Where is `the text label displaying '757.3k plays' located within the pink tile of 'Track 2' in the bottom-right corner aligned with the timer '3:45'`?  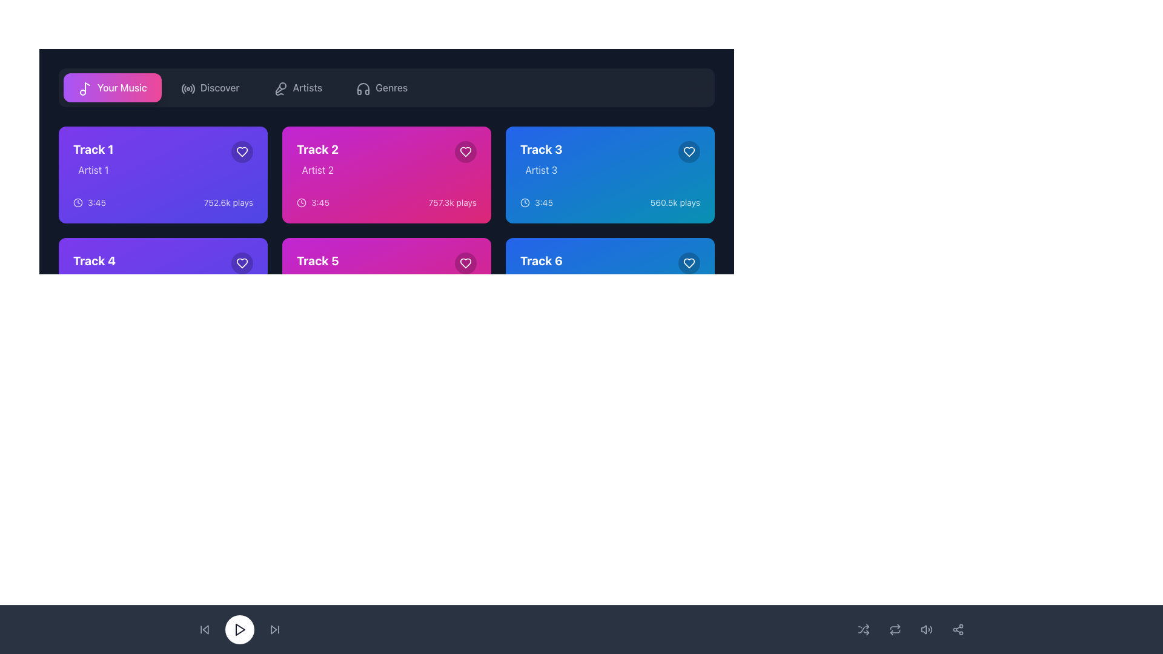 the text label displaying '757.3k plays' located within the pink tile of 'Track 2' in the bottom-right corner aligned with the timer '3:45' is located at coordinates (452, 202).